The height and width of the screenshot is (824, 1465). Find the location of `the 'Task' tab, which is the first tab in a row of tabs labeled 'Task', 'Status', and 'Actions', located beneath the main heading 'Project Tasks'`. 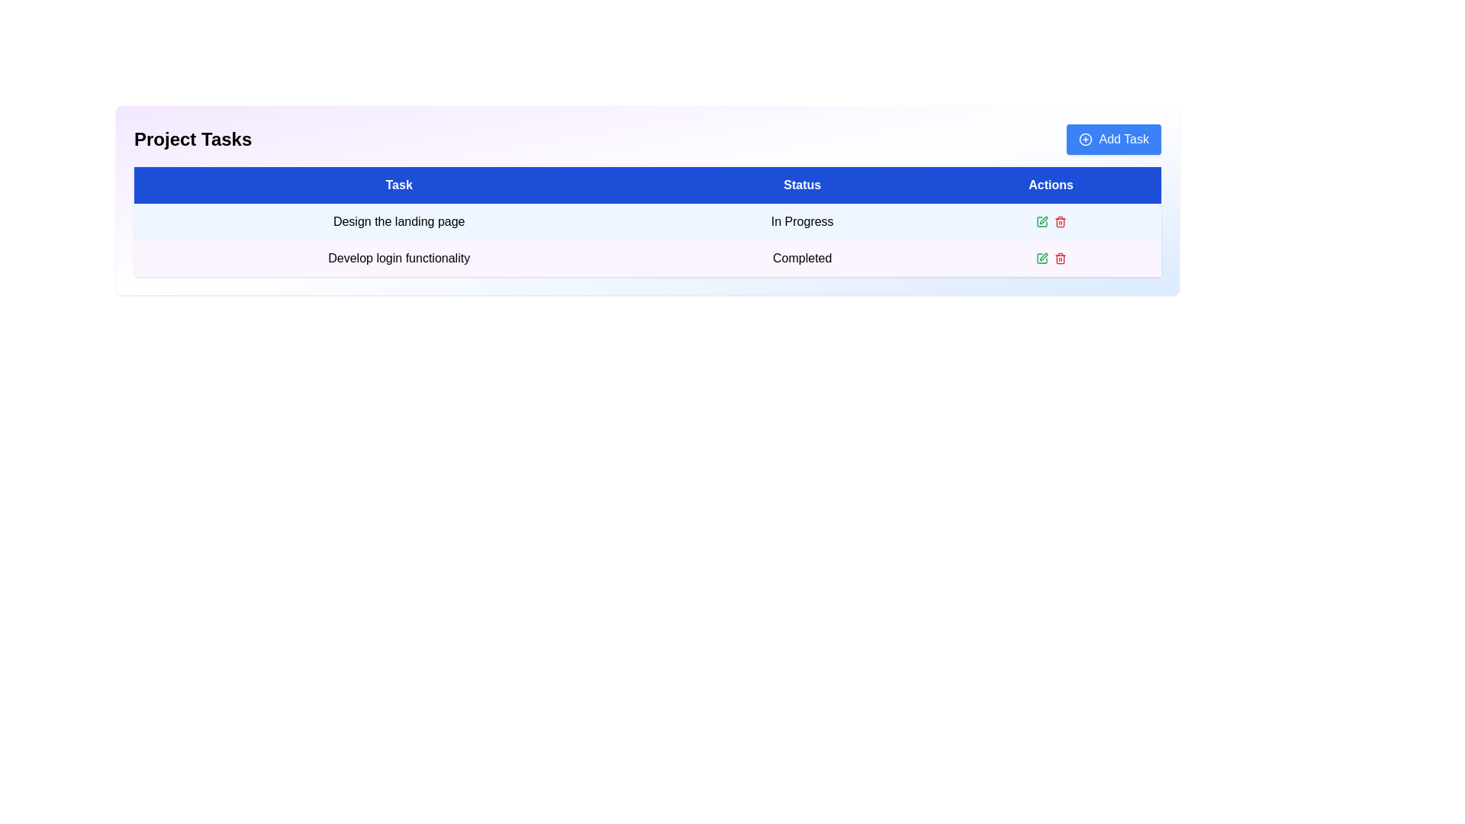

the 'Task' tab, which is the first tab in a row of tabs labeled 'Task', 'Status', and 'Actions', located beneath the main heading 'Project Tasks' is located at coordinates (399, 185).